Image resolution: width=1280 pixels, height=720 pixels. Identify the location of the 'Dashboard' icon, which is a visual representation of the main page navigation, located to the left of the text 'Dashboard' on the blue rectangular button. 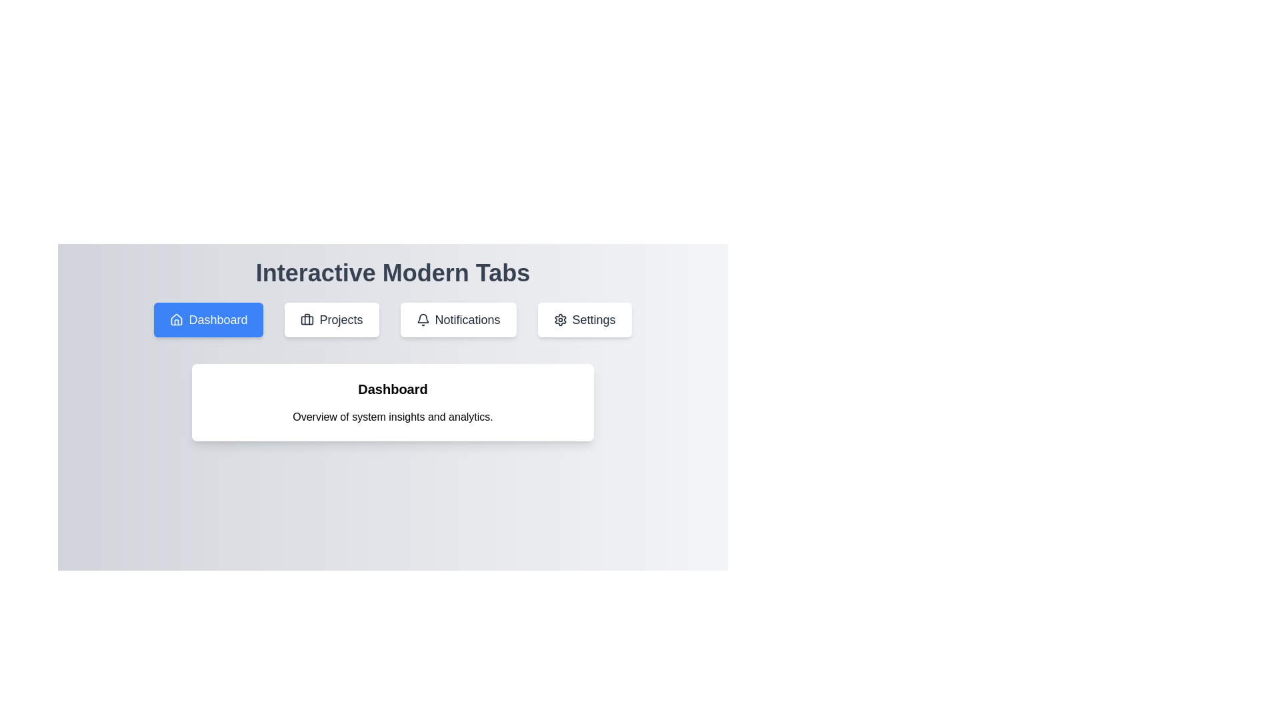
(176, 319).